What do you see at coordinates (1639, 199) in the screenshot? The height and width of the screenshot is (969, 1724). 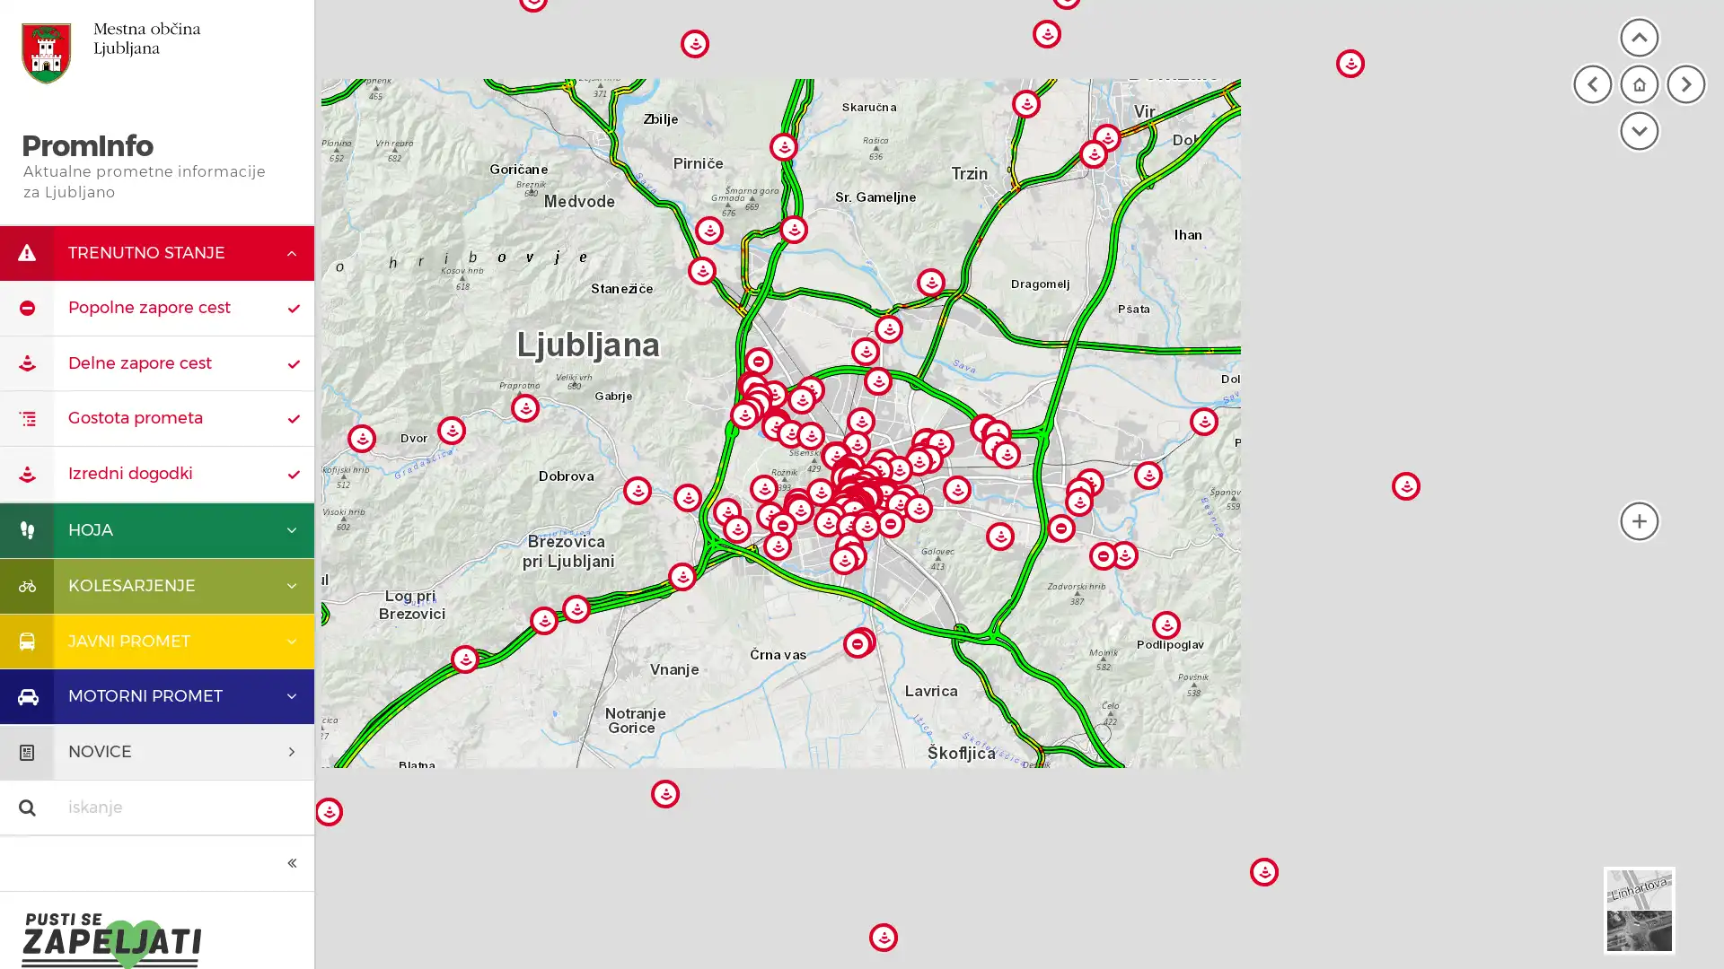 I see `moja lokacija` at bounding box center [1639, 199].